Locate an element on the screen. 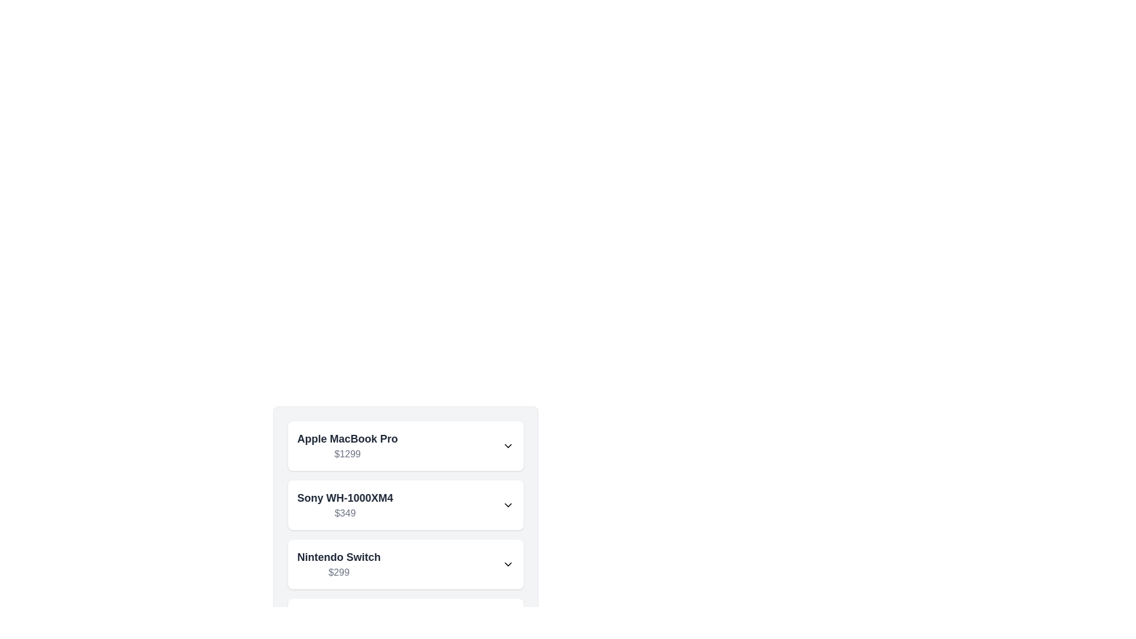 This screenshot has width=1136, height=639. the interactive downward-pointing chevron icon button located at the far right of the row labeled 'Apple MacBook Pro $1299' is located at coordinates (508, 446).